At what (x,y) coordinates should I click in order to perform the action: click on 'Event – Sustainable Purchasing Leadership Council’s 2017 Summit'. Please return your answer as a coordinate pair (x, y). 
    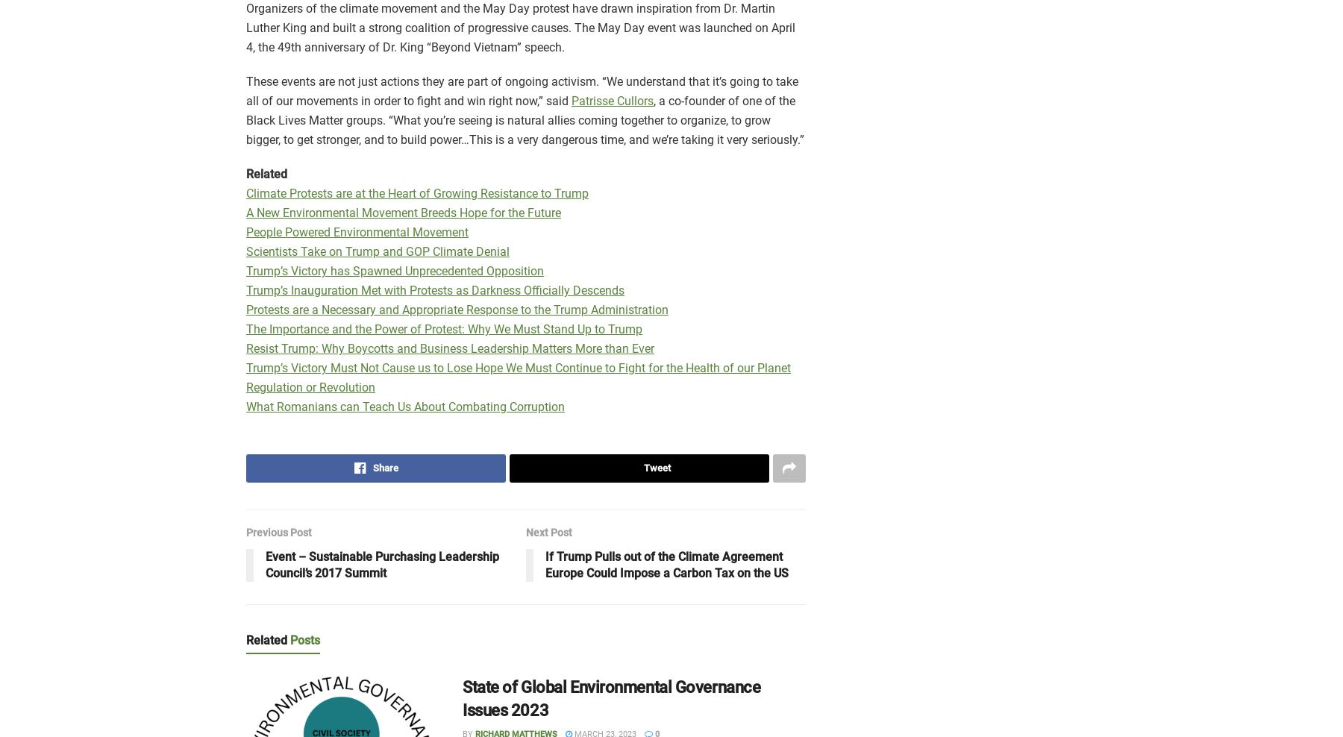
    Looking at the image, I should click on (266, 563).